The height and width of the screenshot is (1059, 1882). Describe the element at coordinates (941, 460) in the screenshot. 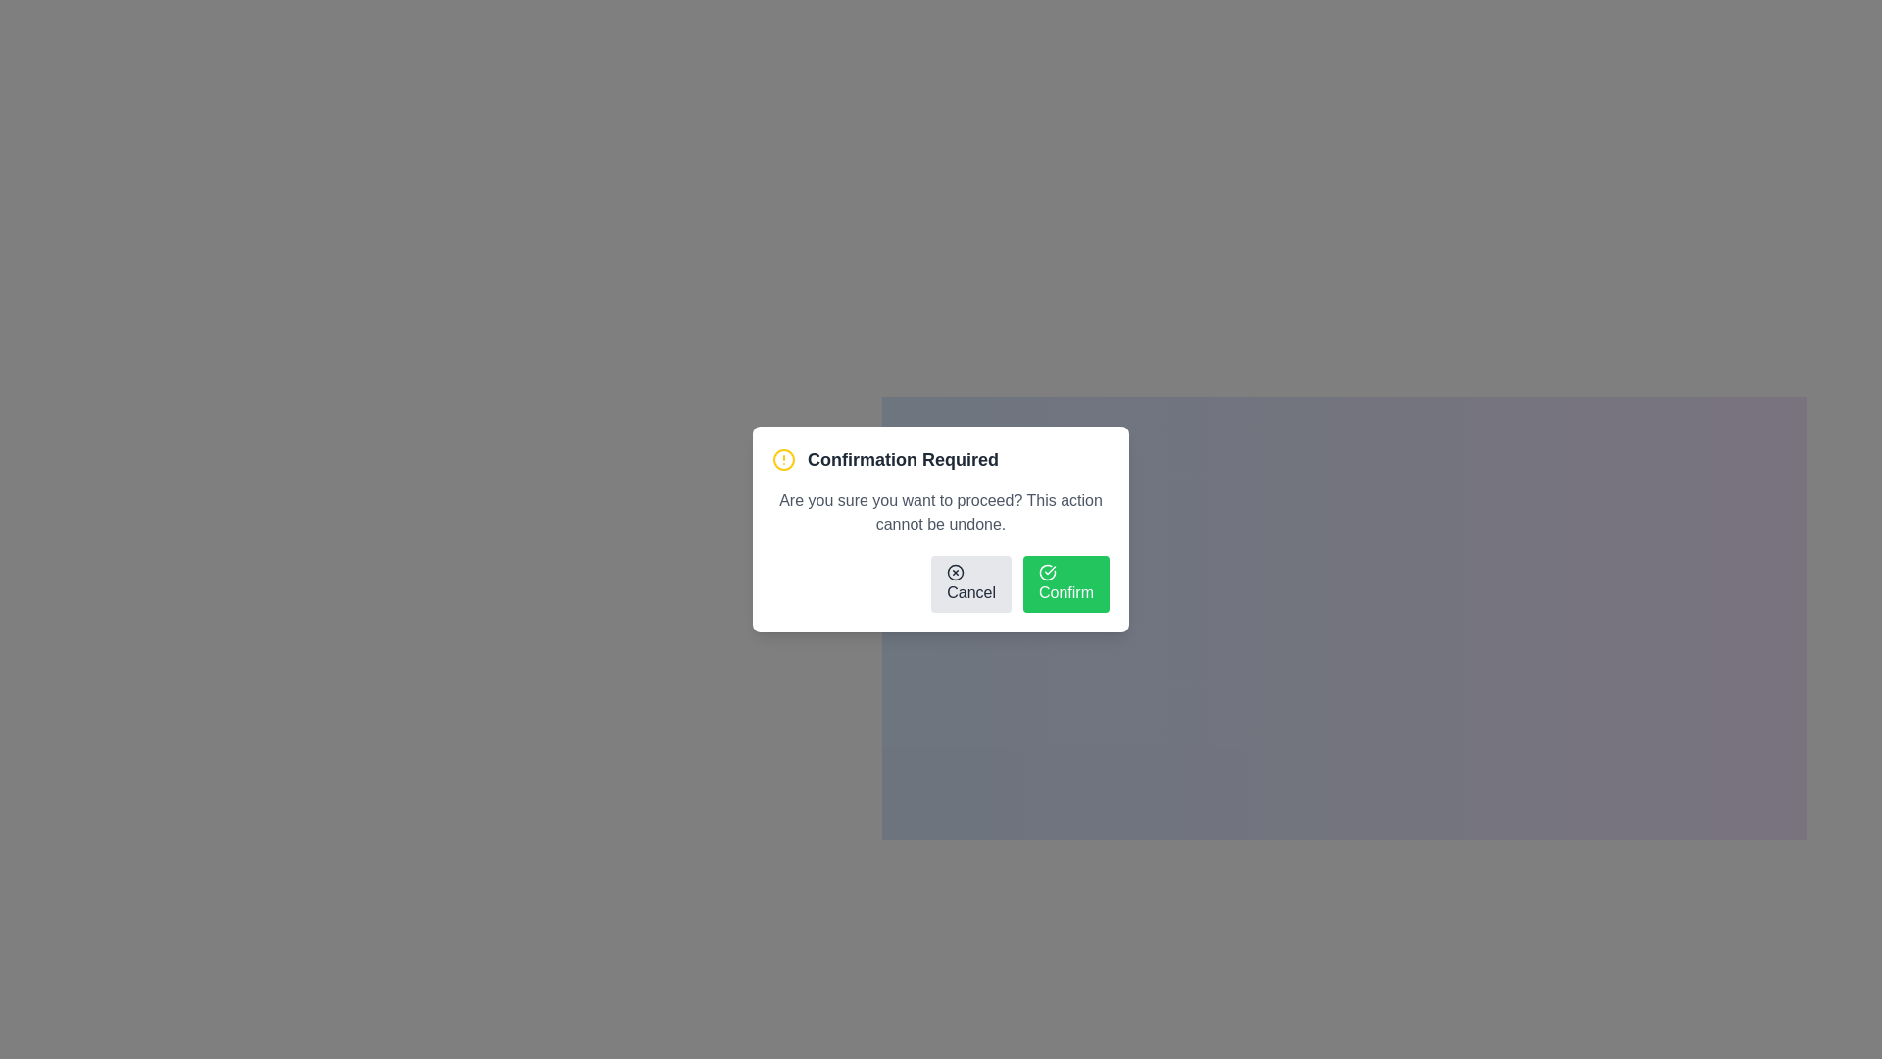

I see `the header label of the confirmation dialog box that provides a warning about the pending action` at that location.